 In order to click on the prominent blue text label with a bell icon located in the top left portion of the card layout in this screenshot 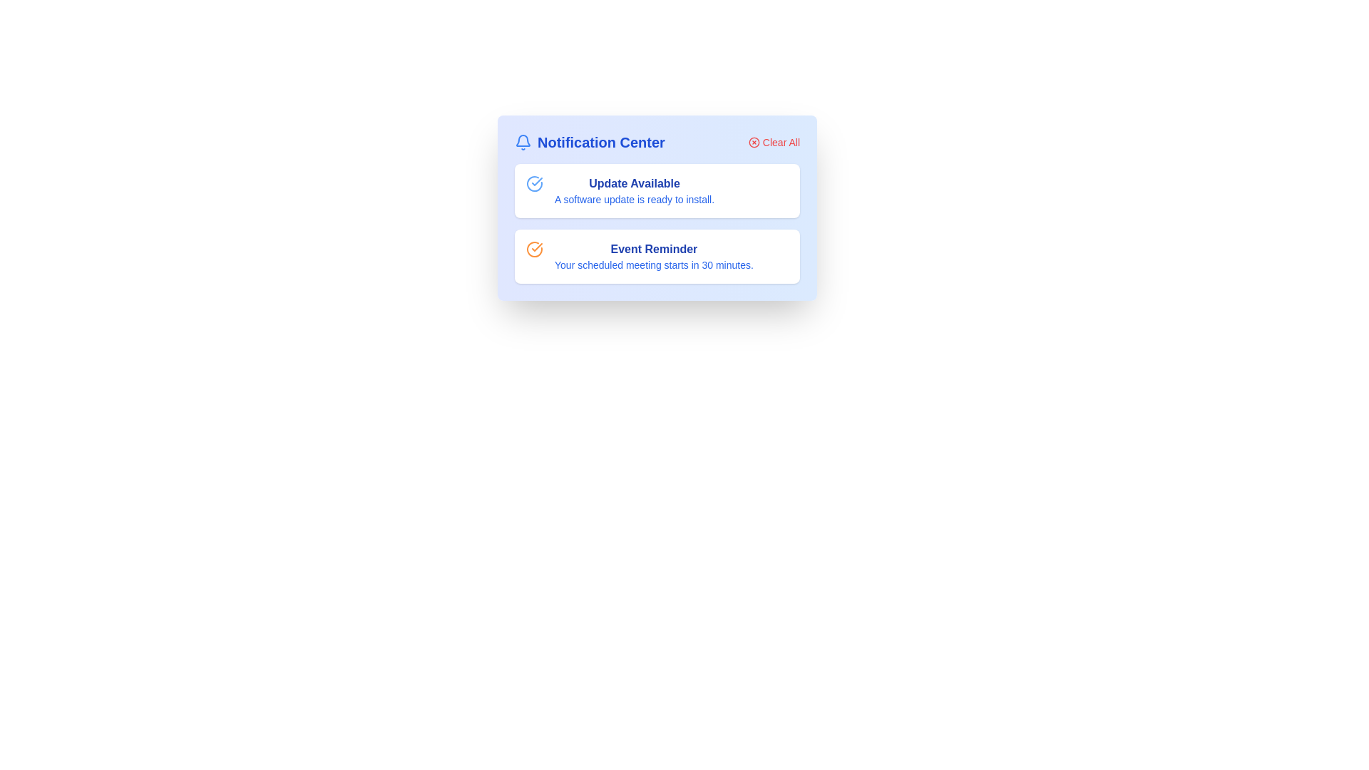, I will do `click(590, 143)`.